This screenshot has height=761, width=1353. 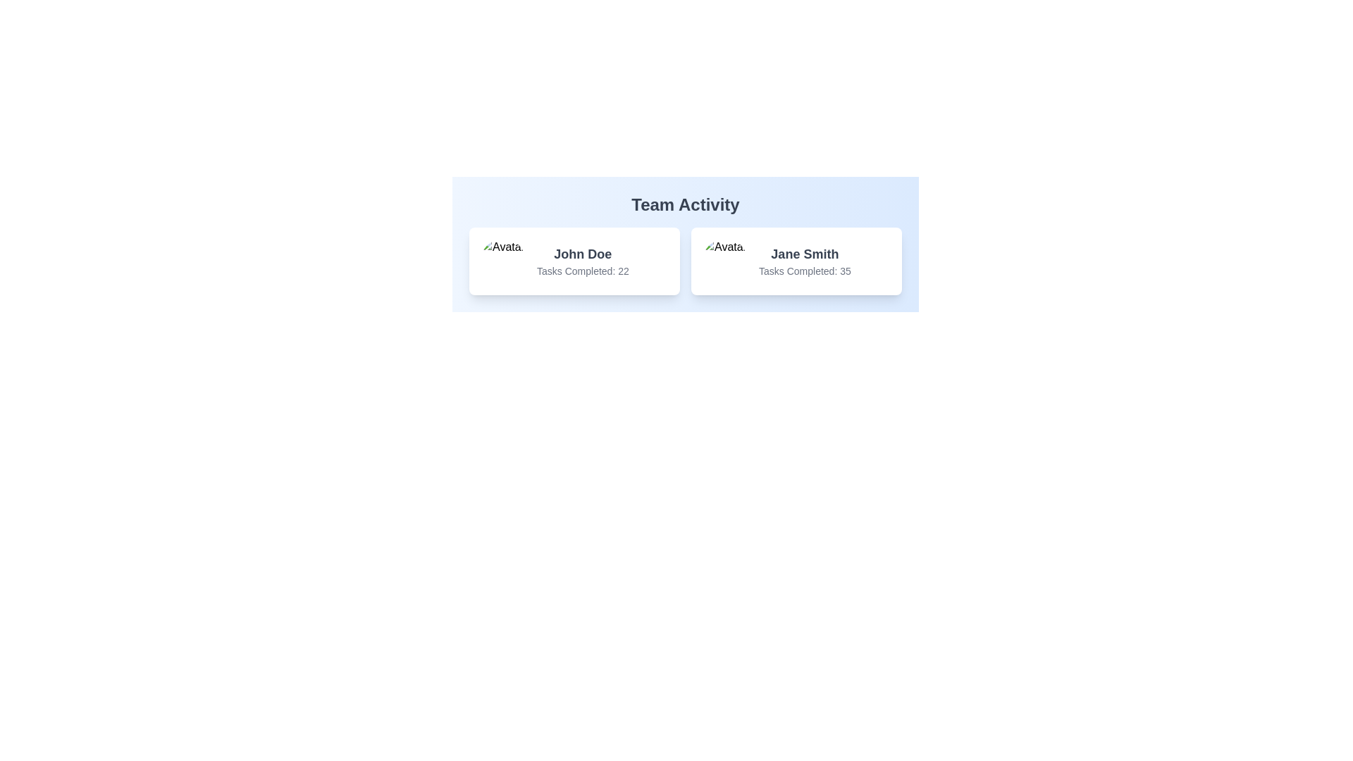 What do you see at coordinates (583, 271) in the screenshot?
I see `the text label displaying 'Tasks Completed: 22' which is located within a white card component below the name 'John Doe' in the 'Team Activity' section` at bounding box center [583, 271].